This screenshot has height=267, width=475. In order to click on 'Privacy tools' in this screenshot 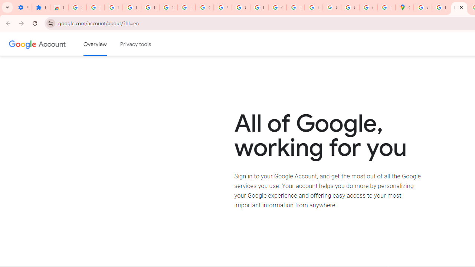, I will do `click(136, 44)`.